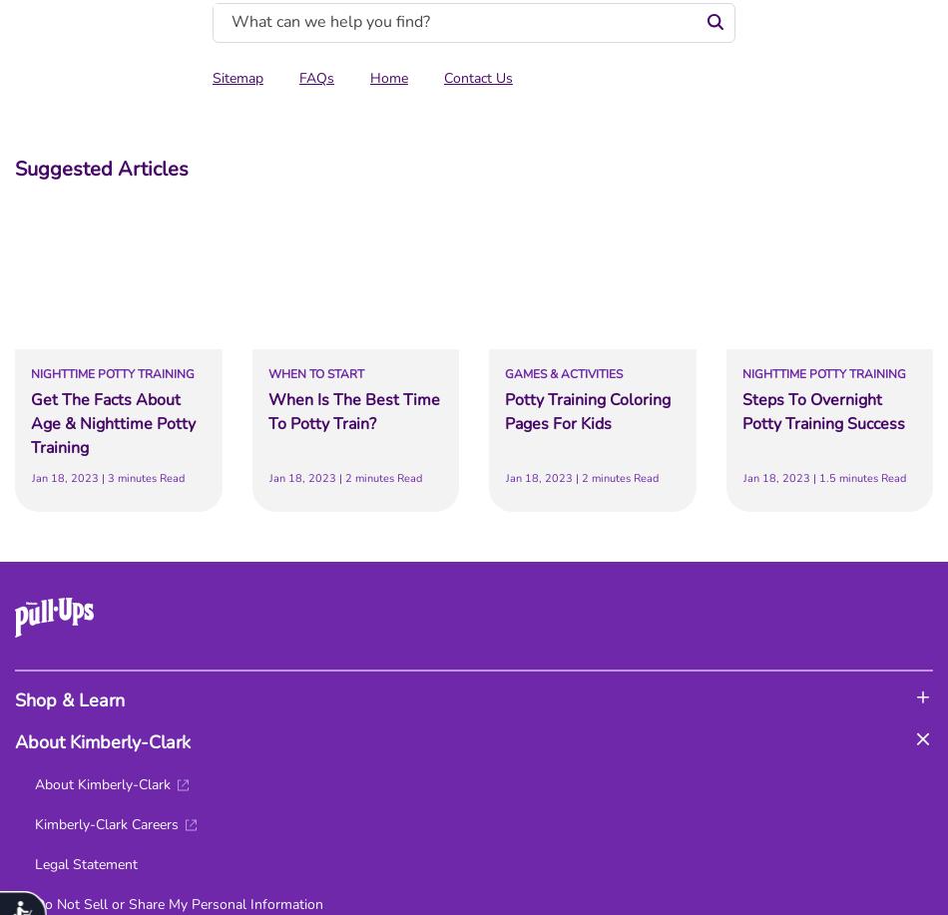 Image resolution: width=948 pixels, height=915 pixels. I want to click on 'Shop & Learn', so click(15, 699).